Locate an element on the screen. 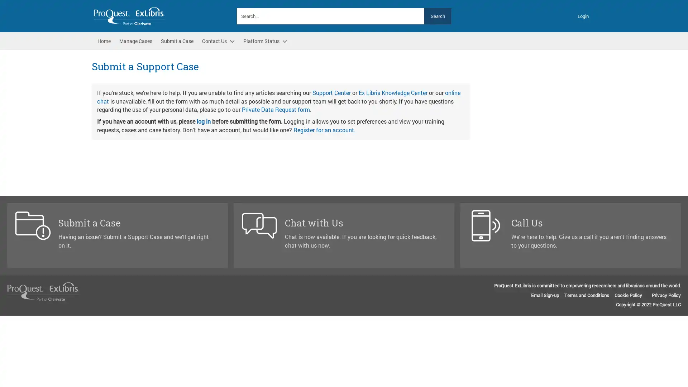 Image resolution: width=688 pixels, height=387 pixels. Search is located at coordinates (437, 16).